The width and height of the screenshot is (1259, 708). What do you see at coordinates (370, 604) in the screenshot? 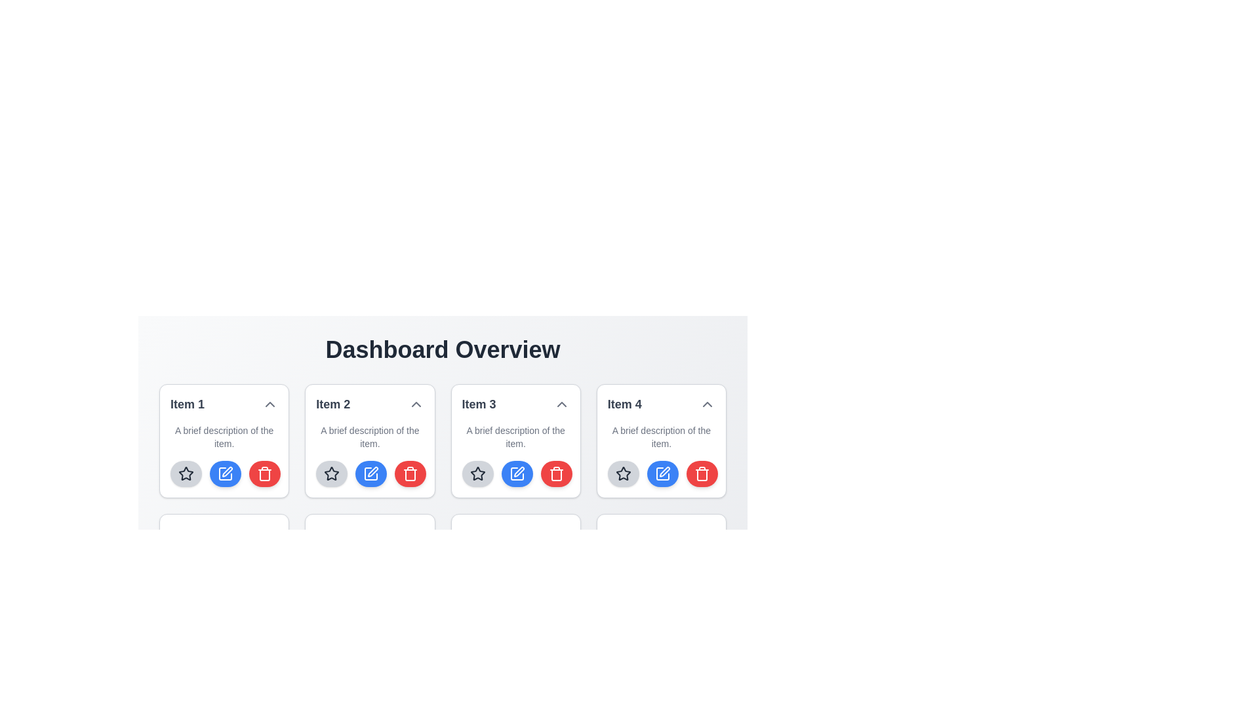
I see `the edit button located between the gray star icon and the red trash can icon to initiate editing` at bounding box center [370, 604].